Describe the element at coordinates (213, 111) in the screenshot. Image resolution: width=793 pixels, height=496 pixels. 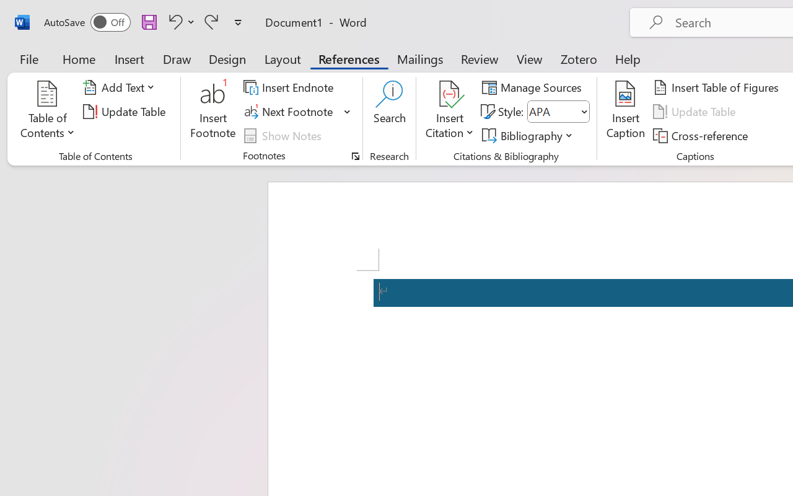
I see `'Insert Footnote'` at that location.